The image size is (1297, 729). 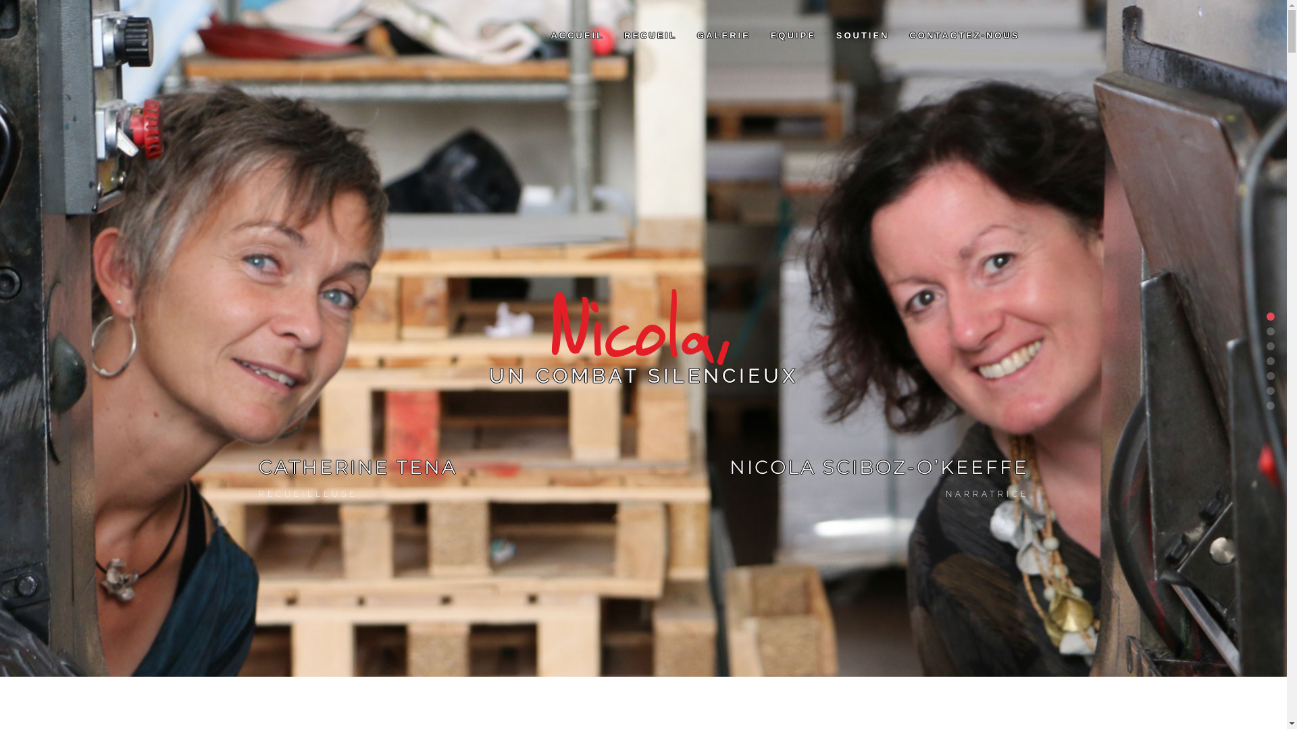 What do you see at coordinates (577, 35) in the screenshot?
I see `'ACCUEIL'` at bounding box center [577, 35].